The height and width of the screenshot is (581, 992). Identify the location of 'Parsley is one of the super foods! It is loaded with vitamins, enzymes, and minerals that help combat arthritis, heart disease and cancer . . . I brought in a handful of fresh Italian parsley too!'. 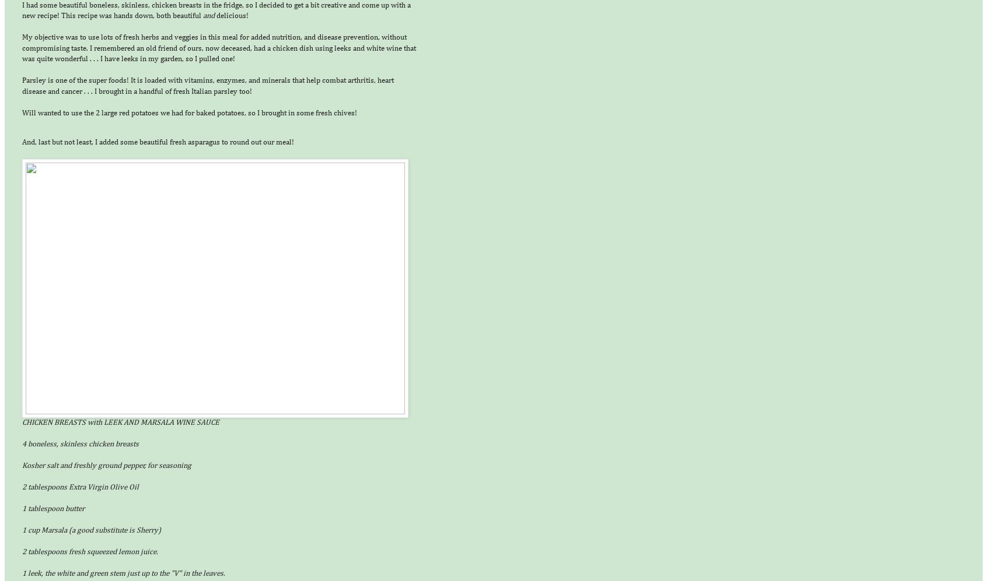
(207, 85).